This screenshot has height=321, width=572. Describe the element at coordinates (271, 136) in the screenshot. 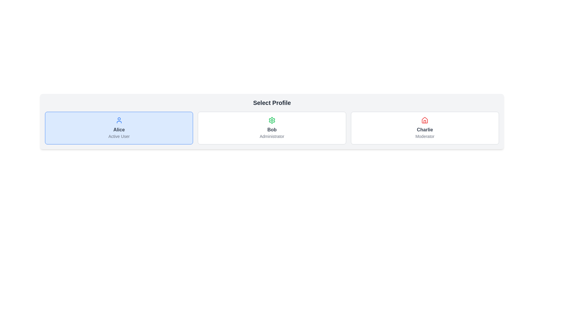

I see `the 'Administrator' text label located beneath the bold text 'Bob' in the middle profile card of the 'Select Profile' interface` at that location.